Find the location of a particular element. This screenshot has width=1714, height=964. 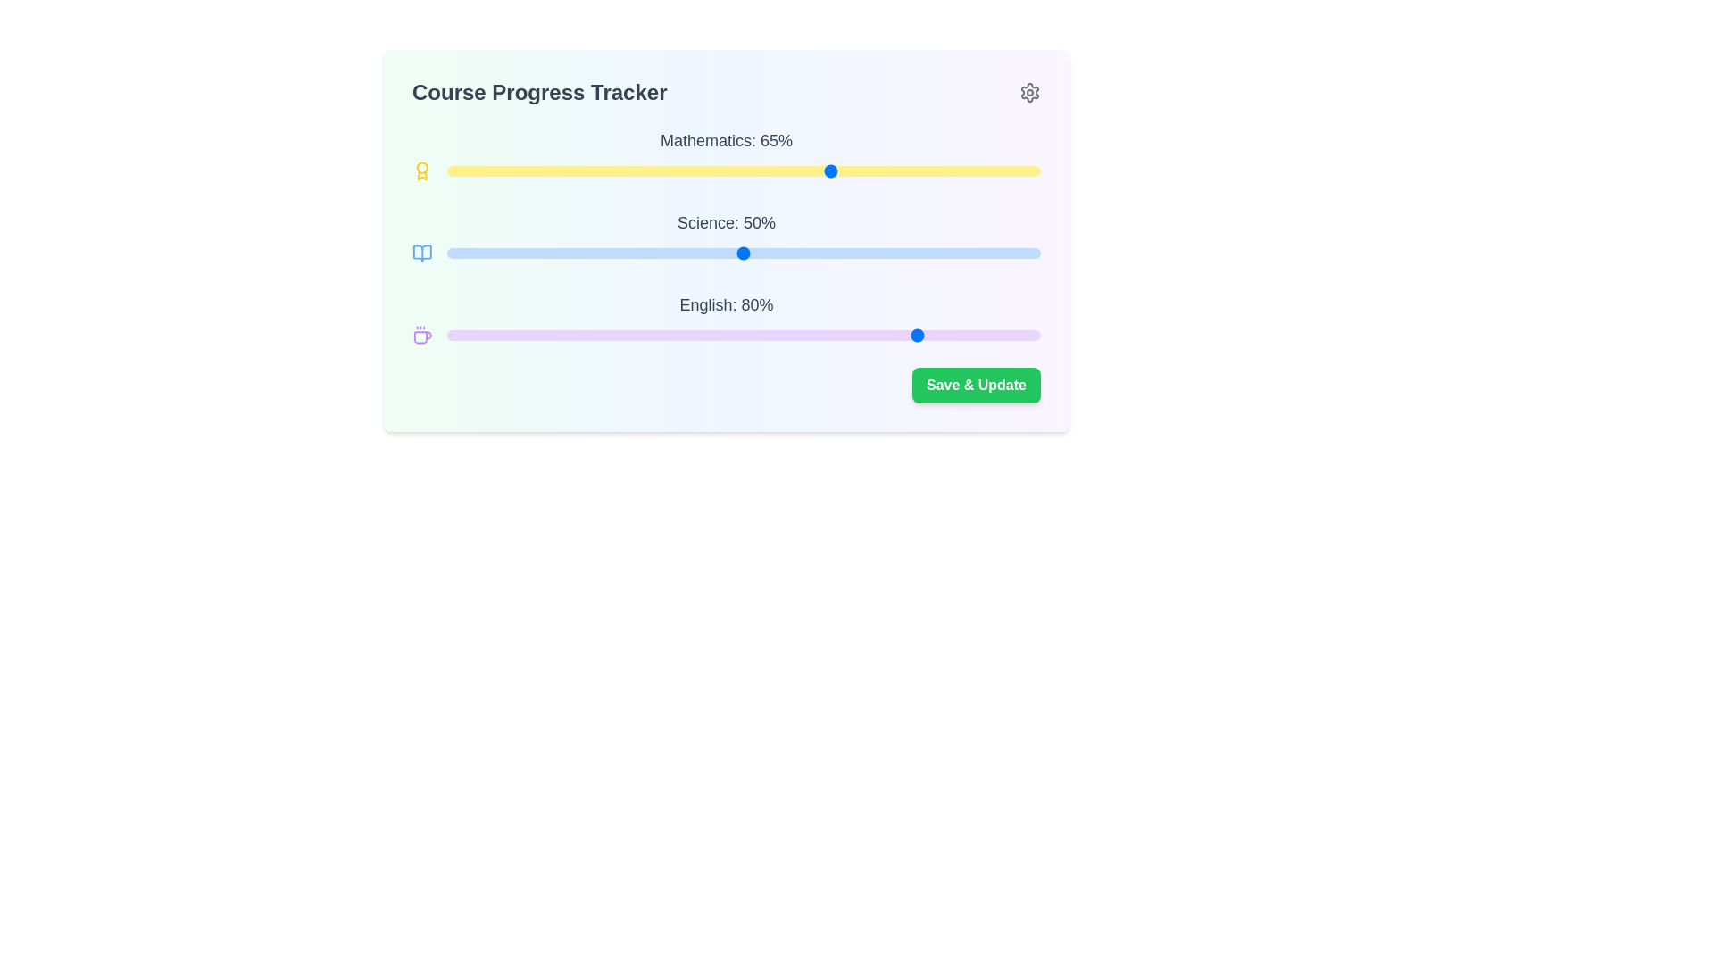

the mathematics progress slider is located at coordinates (1028, 171).